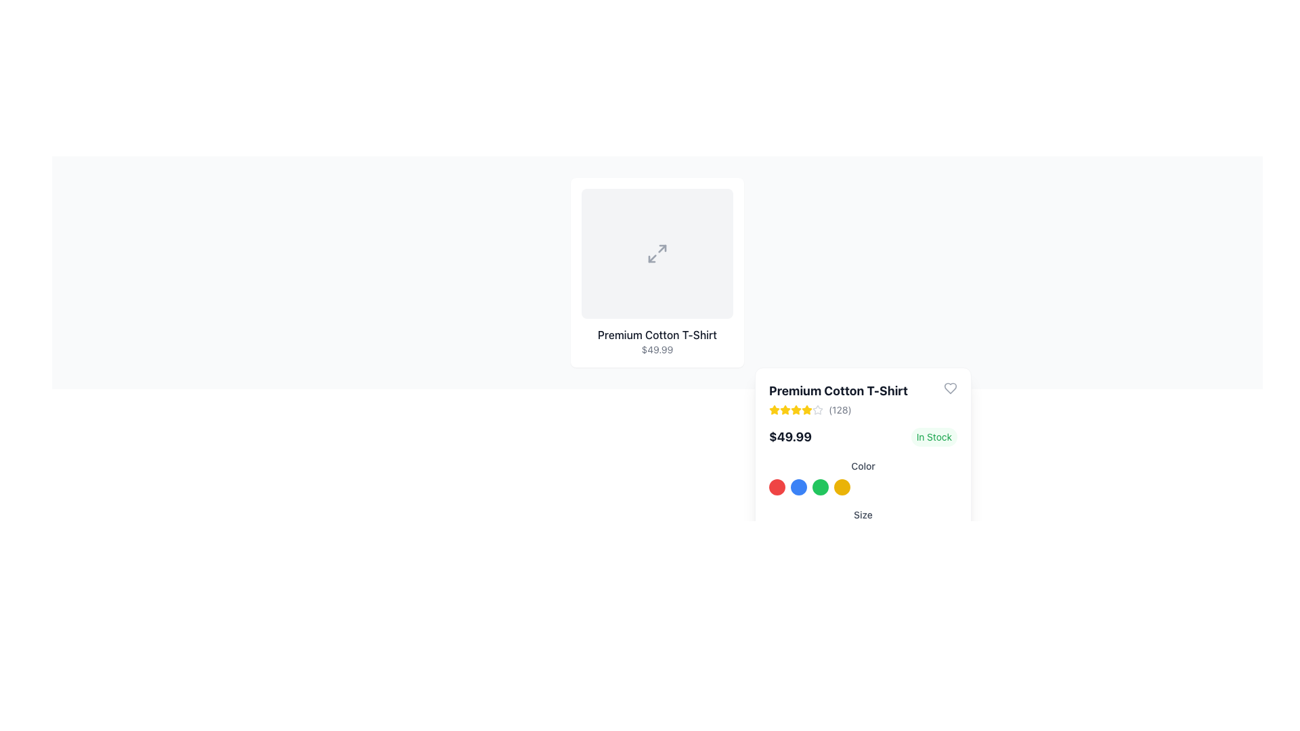  I want to click on the static text label displaying the price "$49.99" located directly below the product title "Premium Cotton T-Shirt" in the product preview card, so click(657, 349).